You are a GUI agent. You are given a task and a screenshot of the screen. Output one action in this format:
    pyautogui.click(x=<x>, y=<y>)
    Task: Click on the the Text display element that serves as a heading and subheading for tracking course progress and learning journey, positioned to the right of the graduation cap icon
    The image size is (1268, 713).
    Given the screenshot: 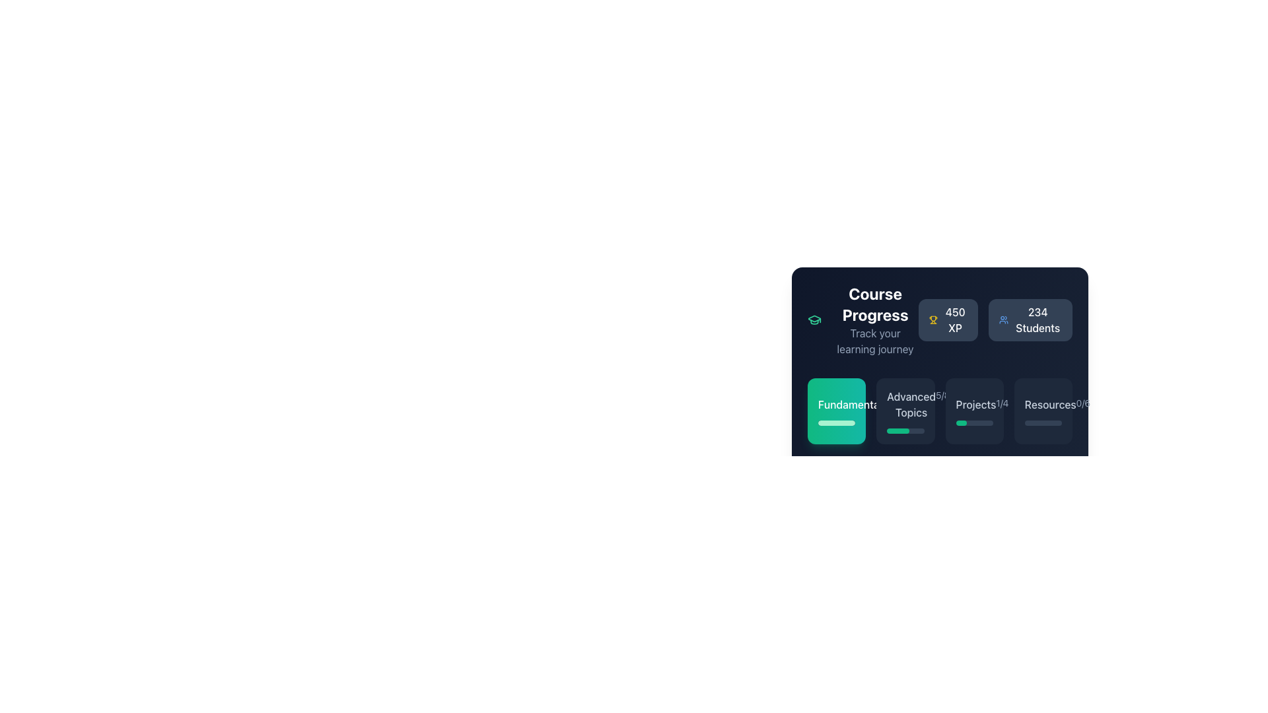 What is the action you would take?
    pyautogui.click(x=875, y=320)
    